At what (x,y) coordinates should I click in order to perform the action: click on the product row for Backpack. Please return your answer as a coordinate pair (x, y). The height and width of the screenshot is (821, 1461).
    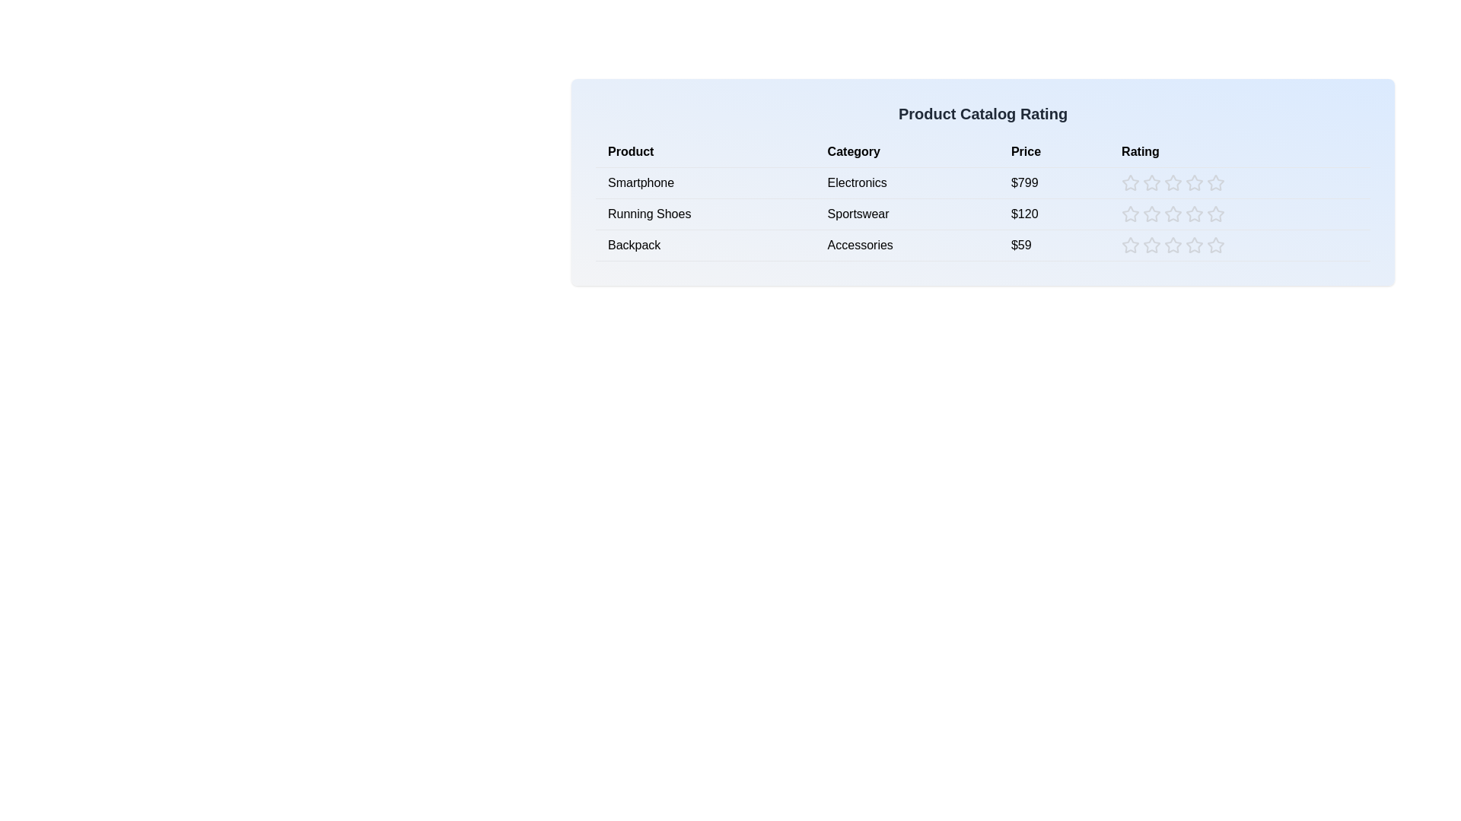
    Looking at the image, I should click on (982, 245).